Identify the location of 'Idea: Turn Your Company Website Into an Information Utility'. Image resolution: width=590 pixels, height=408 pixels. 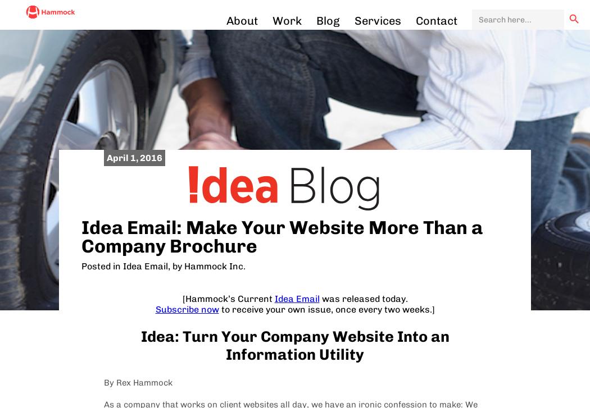
(294, 344).